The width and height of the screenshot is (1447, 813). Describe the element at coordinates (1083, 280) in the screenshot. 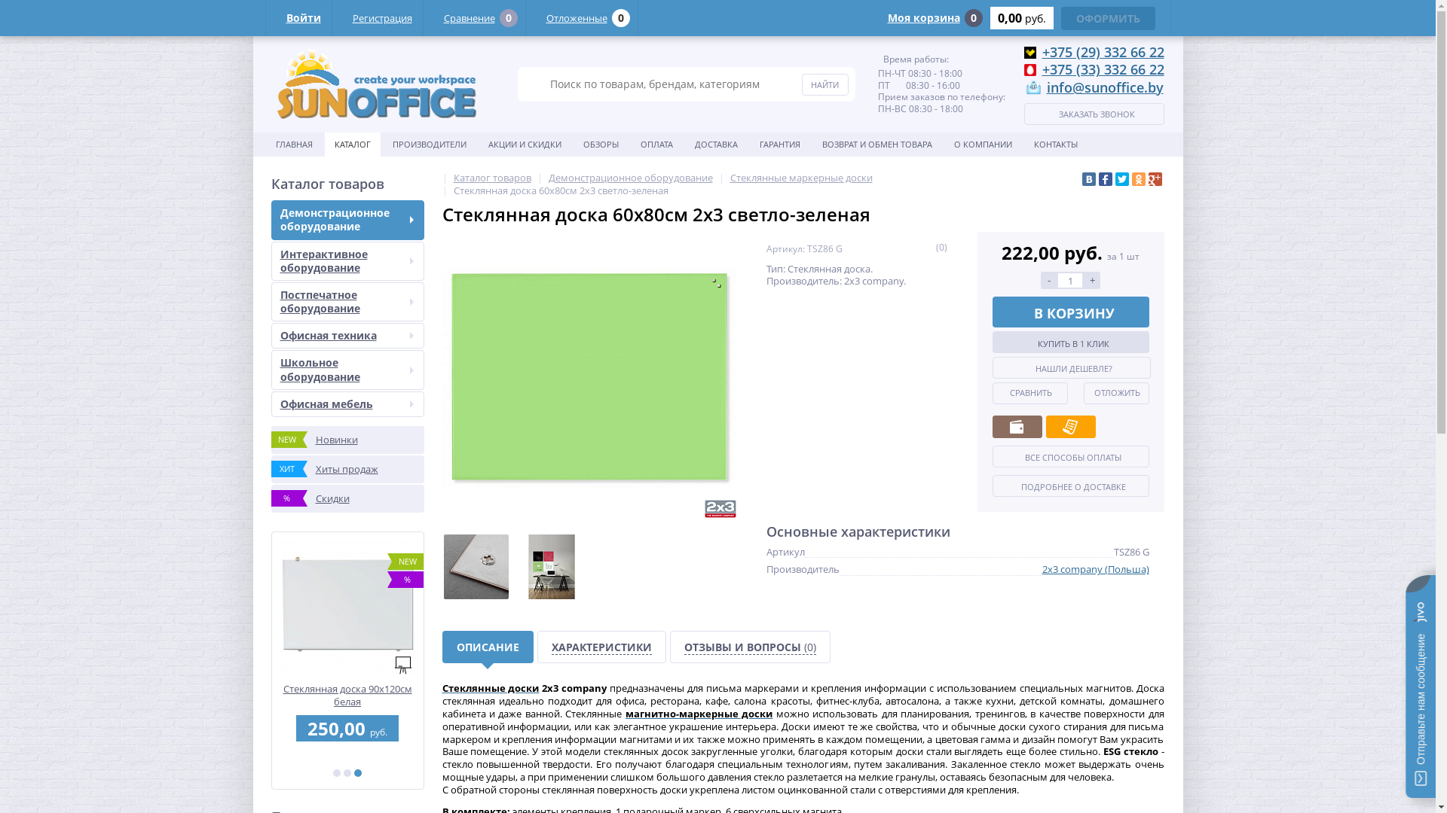

I see `'+'` at that location.